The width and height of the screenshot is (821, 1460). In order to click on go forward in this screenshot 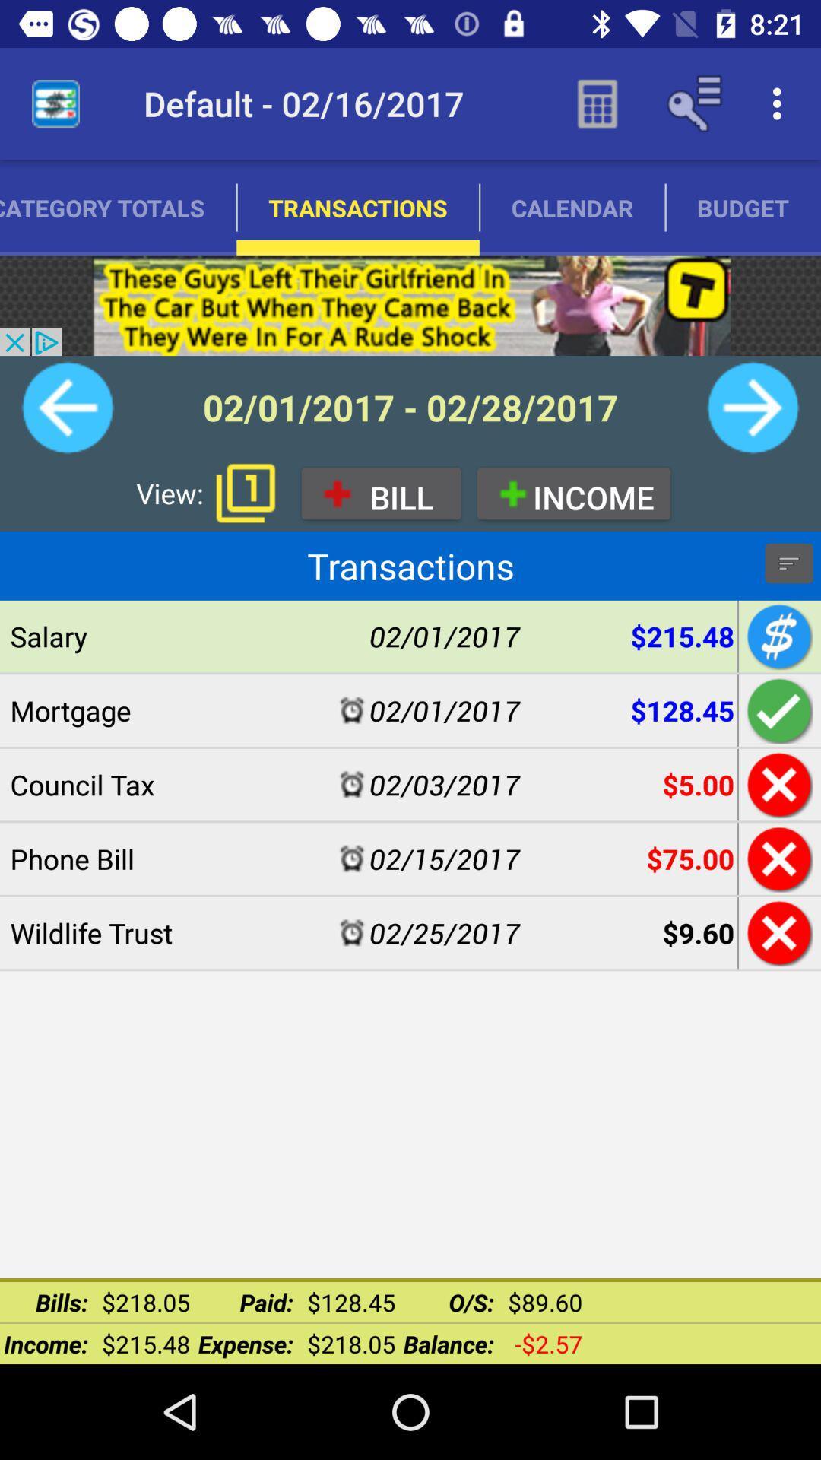, I will do `click(753, 408)`.